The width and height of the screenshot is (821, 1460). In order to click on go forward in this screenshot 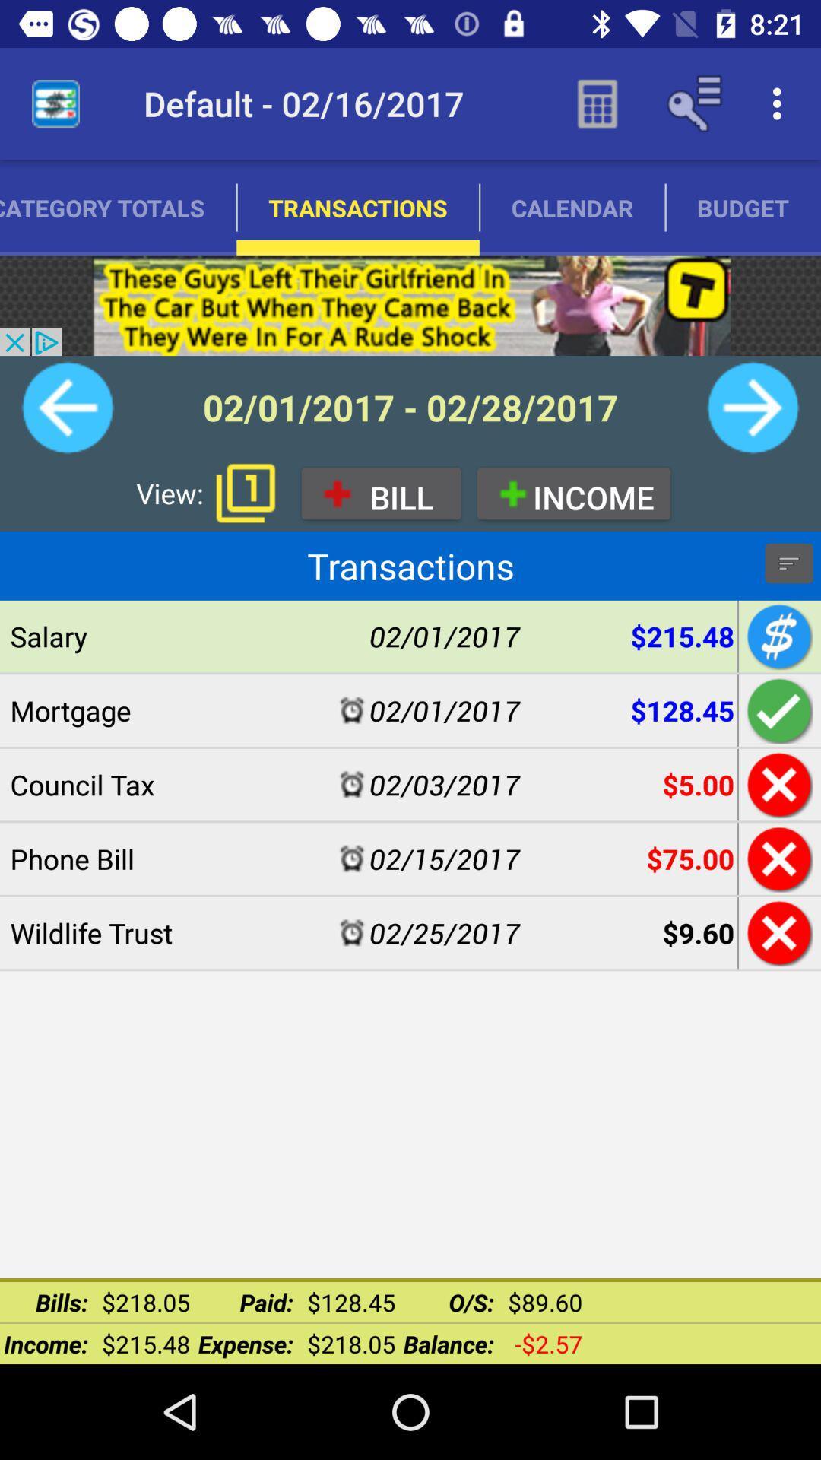, I will do `click(753, 408)`.